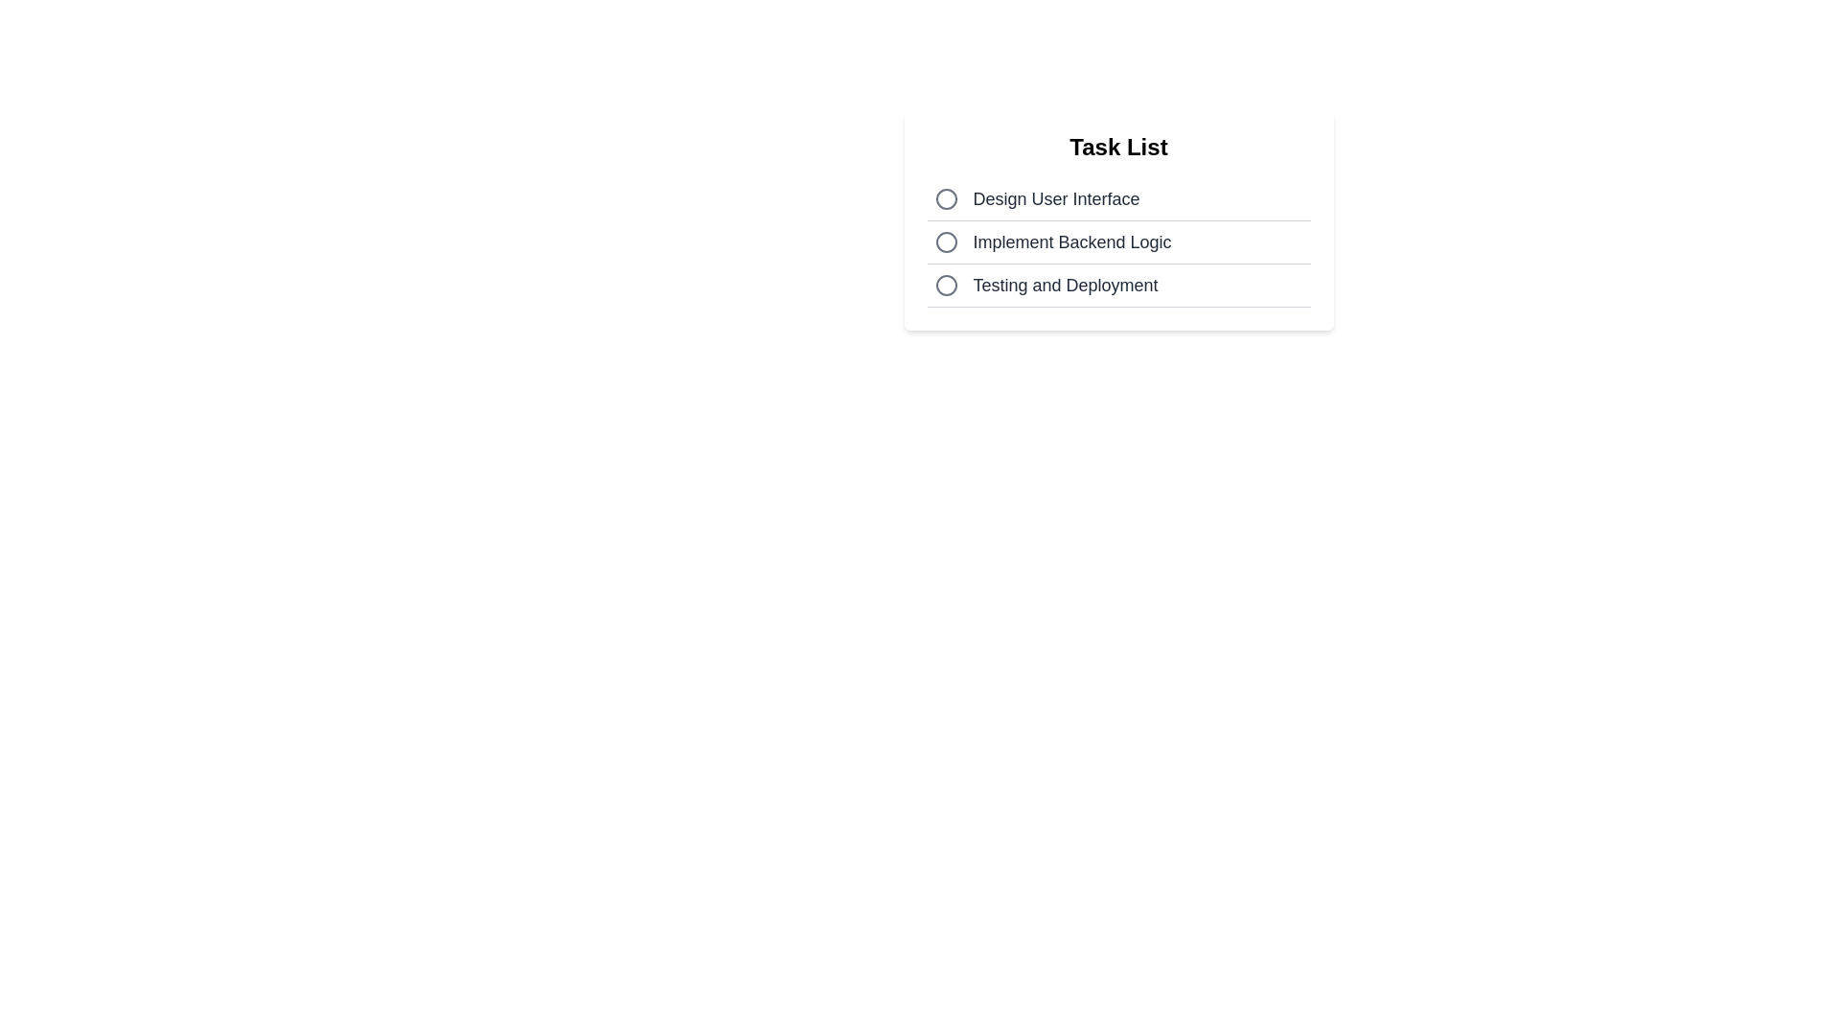 The image size is (1840, 1035). What do you see at coordinates (1065, 285) in the screenshot?
I see `the text label displaying 'Testing and Deployment', which is part of a list item and located to the right of a circular button` at bounding box center [1065, 285].